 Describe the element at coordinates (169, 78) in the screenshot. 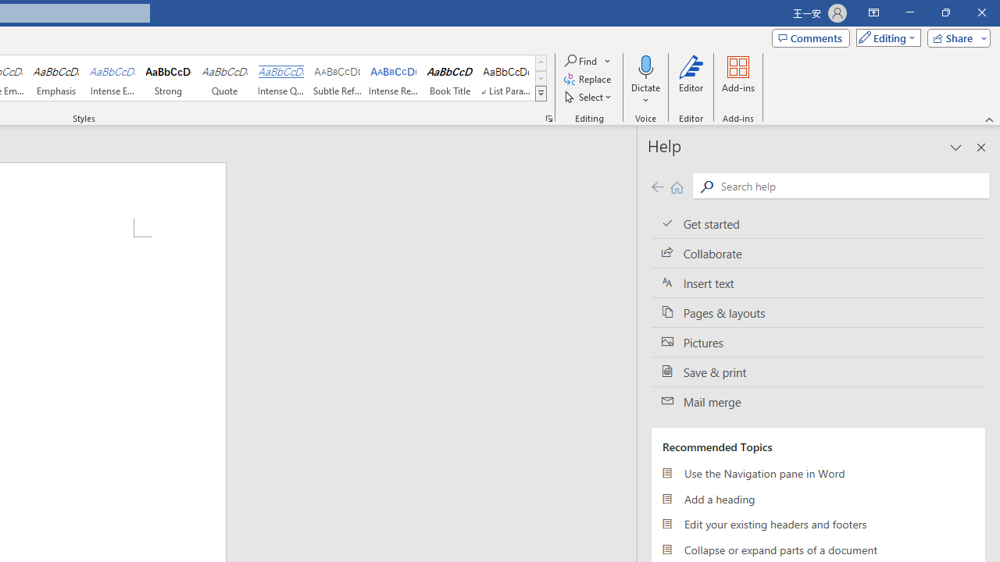

I see `'Strong'` at that location.